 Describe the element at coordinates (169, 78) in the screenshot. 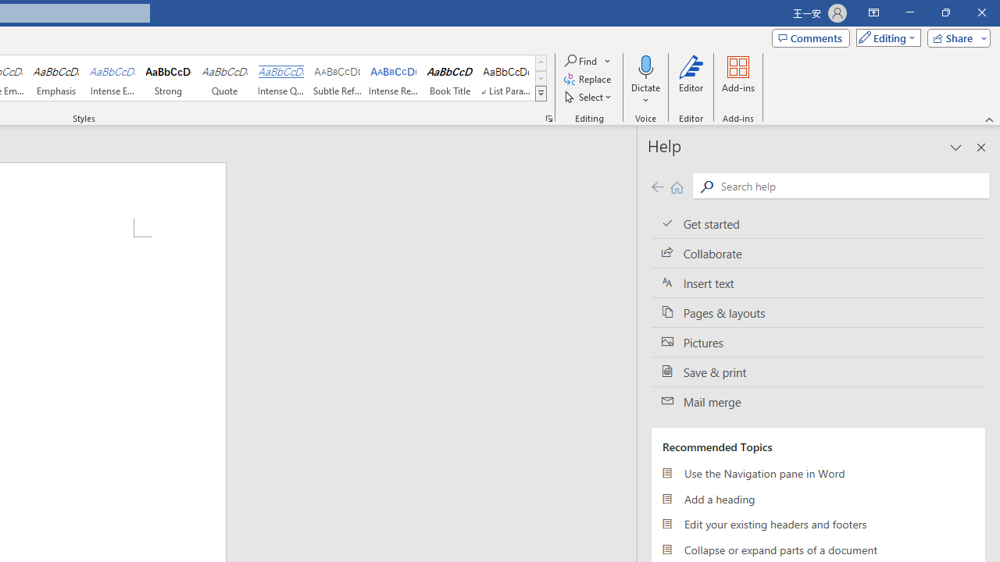

I see `'Strong'` at that location.